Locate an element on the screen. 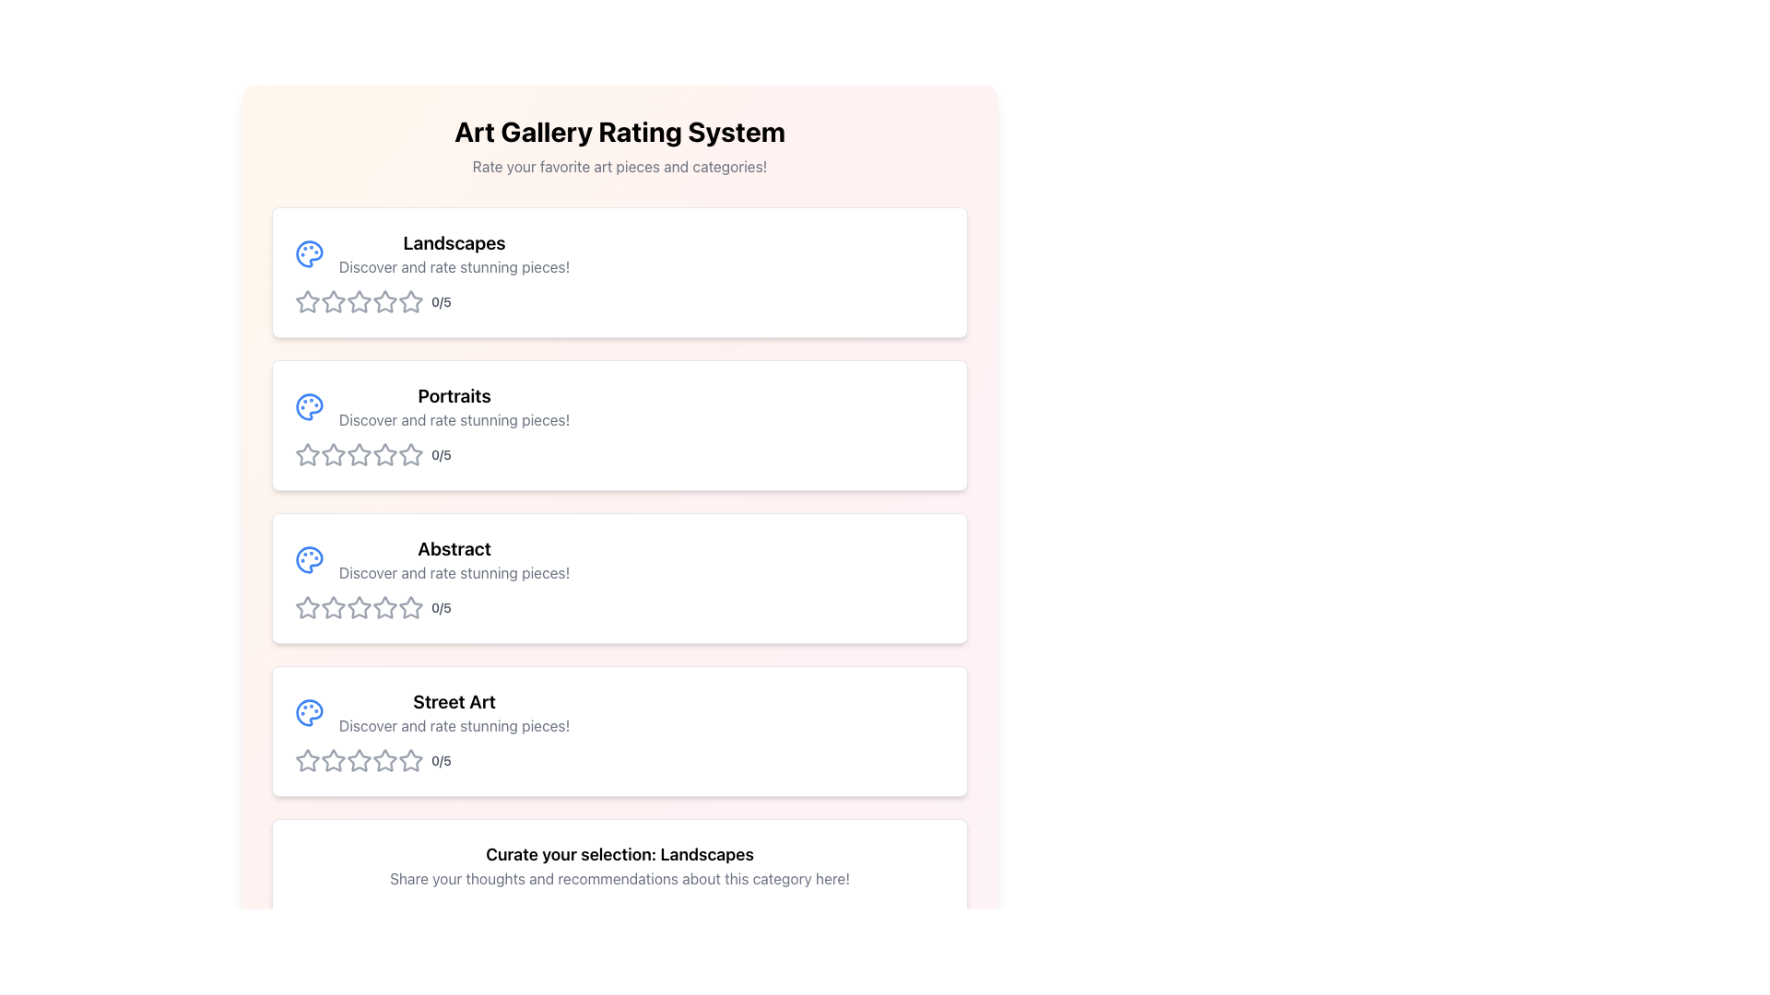  the first star icon in the Landscapes section is located at coordinates (306, 300).